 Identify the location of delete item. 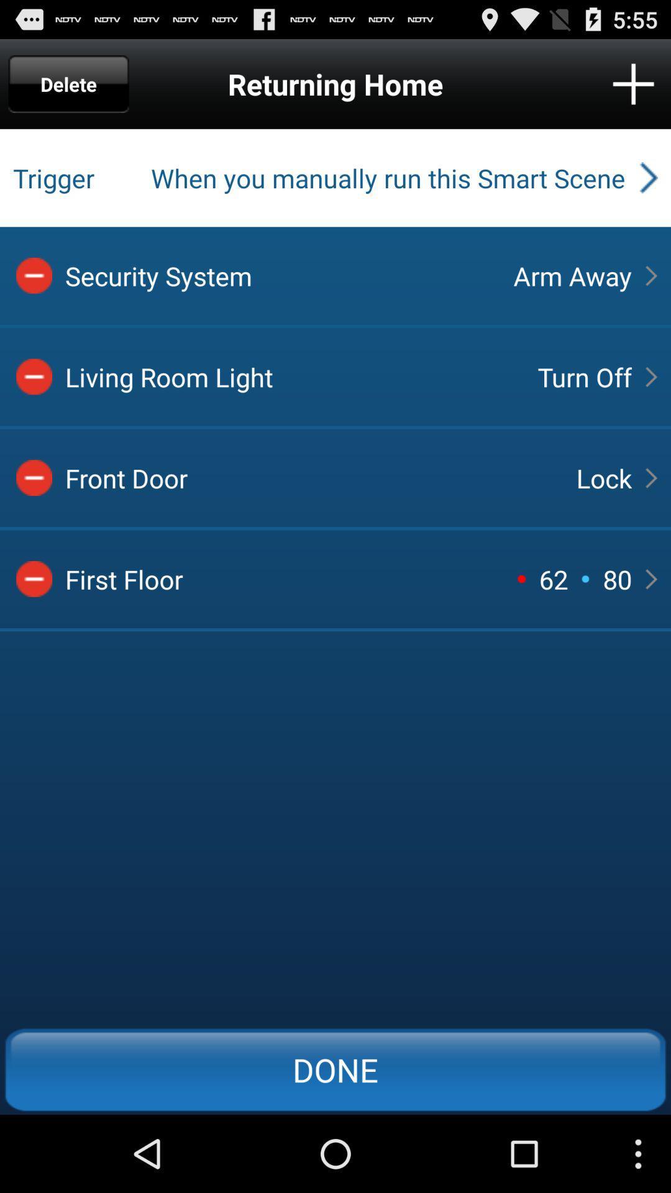
(34, 275).